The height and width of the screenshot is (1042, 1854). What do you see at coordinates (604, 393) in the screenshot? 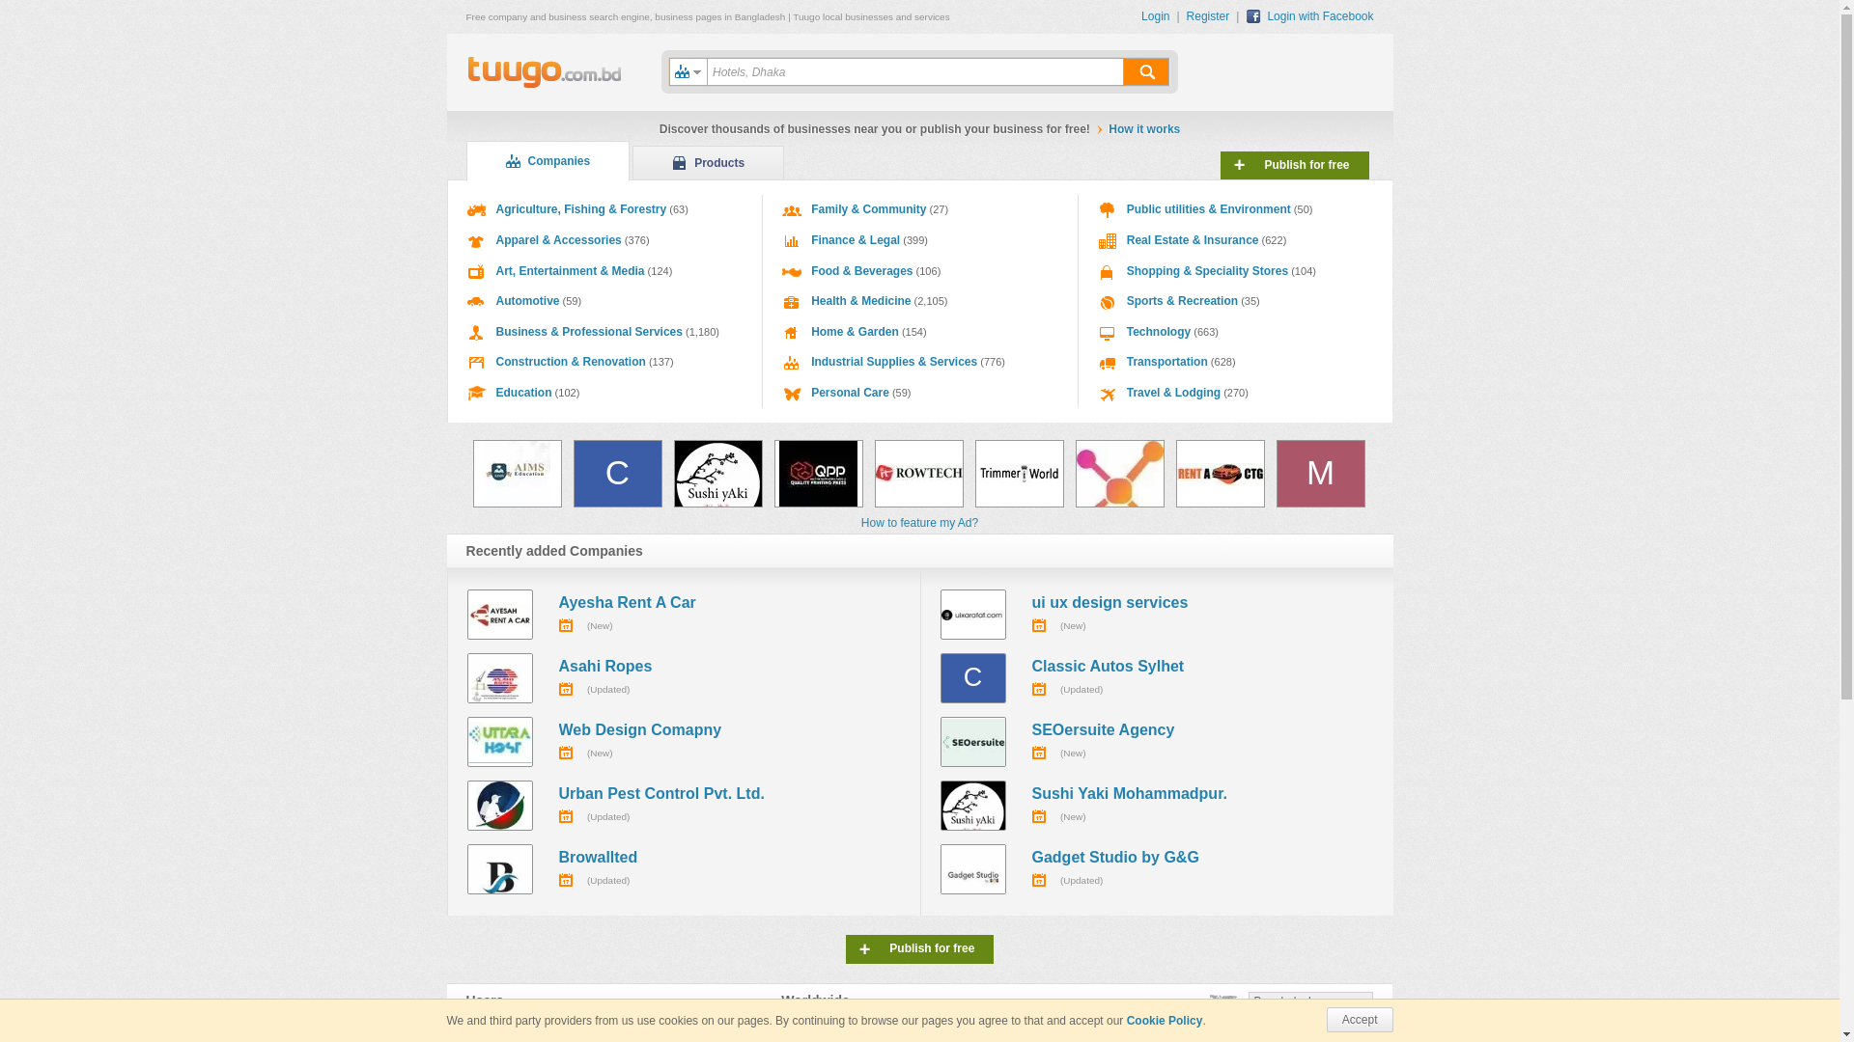
I see `' Education (102)'` at bounding box center [604, 393].